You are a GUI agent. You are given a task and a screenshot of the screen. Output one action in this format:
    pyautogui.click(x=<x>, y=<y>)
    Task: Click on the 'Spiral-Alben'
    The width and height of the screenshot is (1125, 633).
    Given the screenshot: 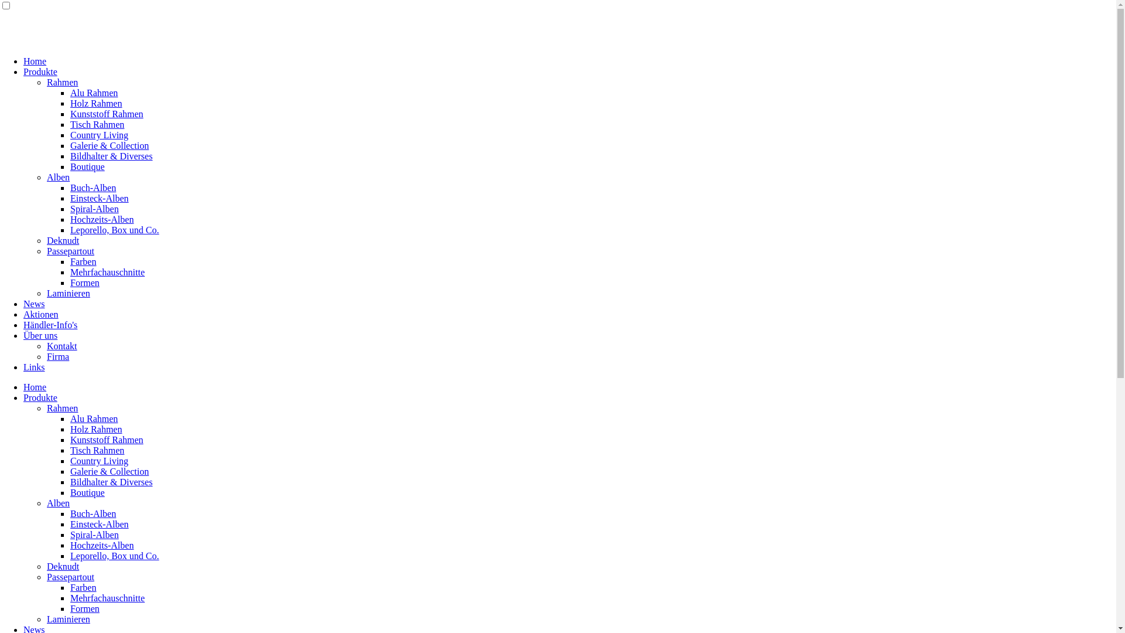 What is the action you would take?
    pyautogui.click(x=94, y=535)
    